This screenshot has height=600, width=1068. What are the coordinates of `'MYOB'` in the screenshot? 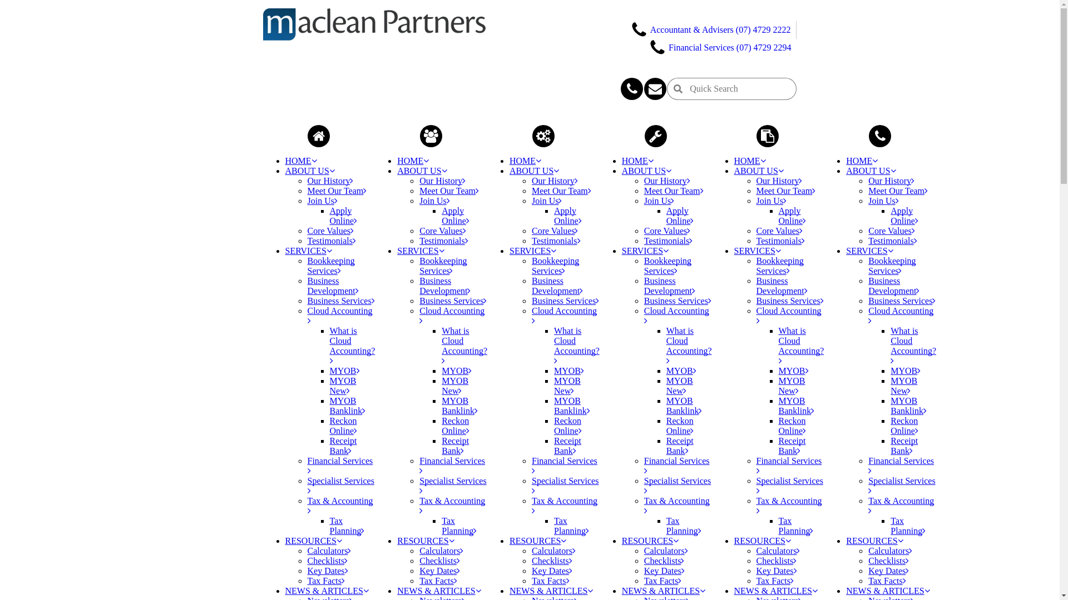 It's located at (891, 371).